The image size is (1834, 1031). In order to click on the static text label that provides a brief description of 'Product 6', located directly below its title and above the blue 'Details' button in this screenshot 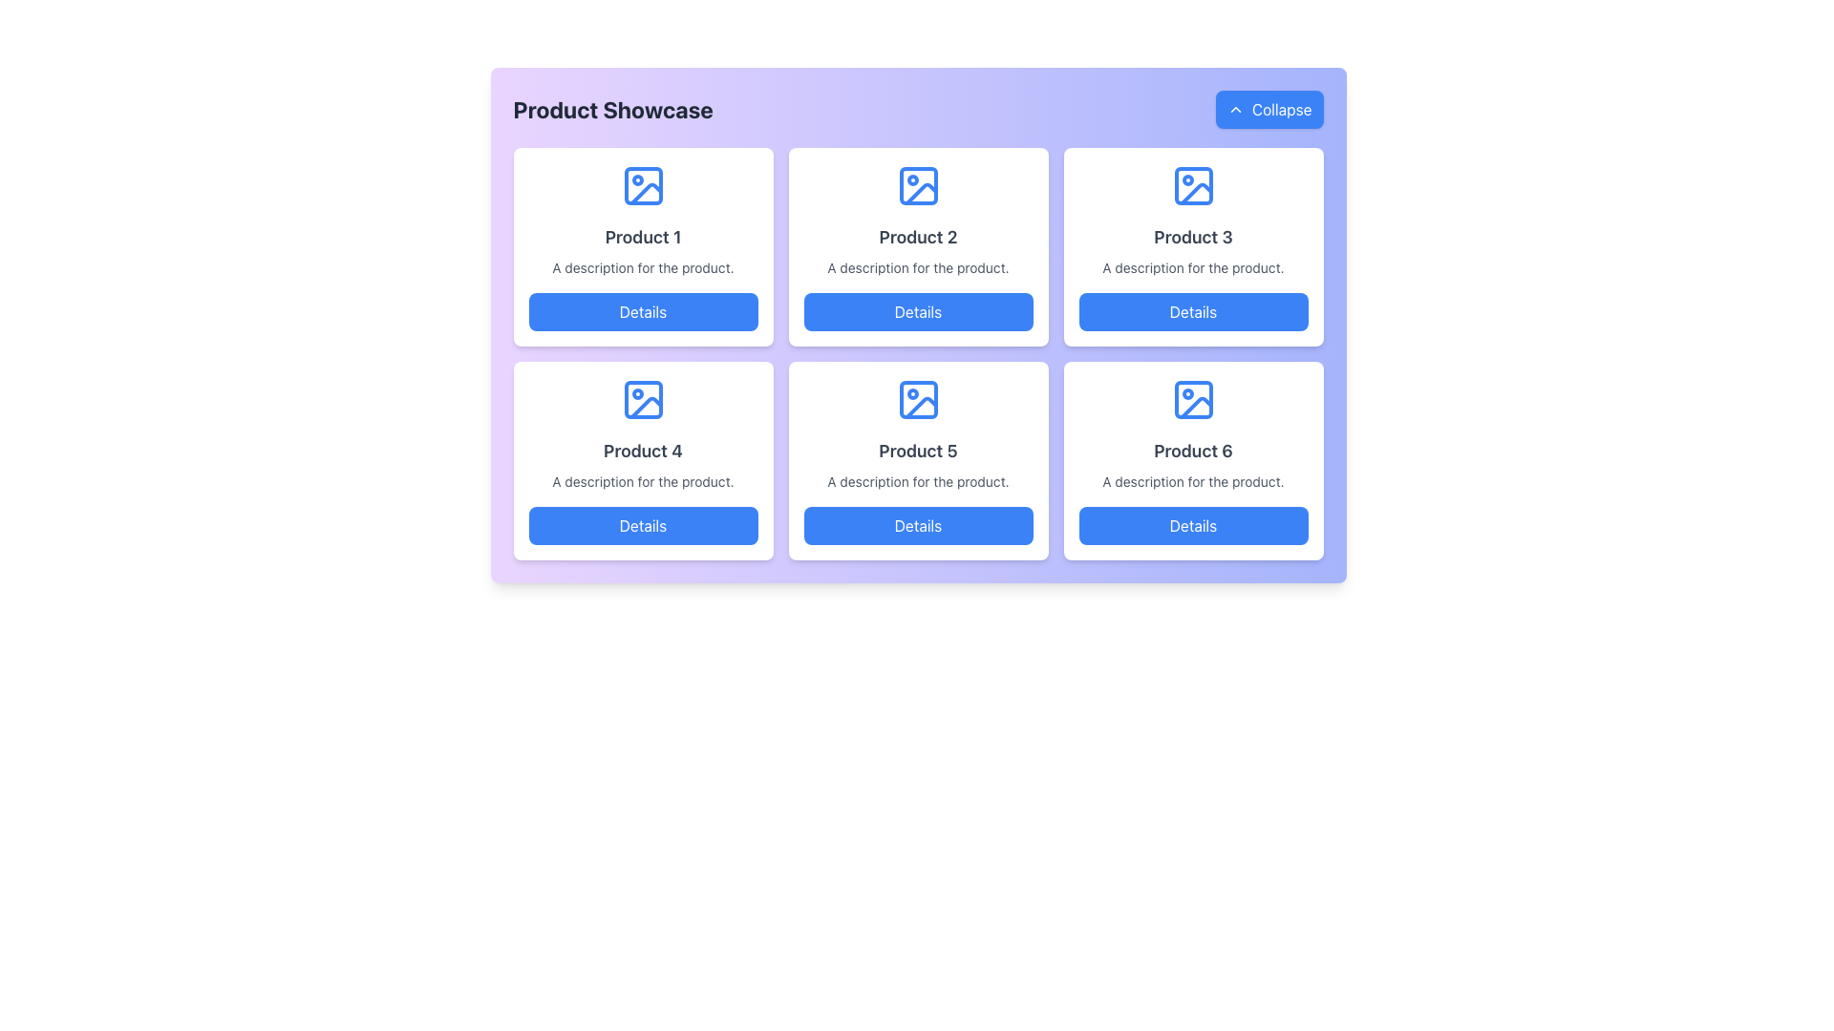, I will do `click(1192, 481)`.